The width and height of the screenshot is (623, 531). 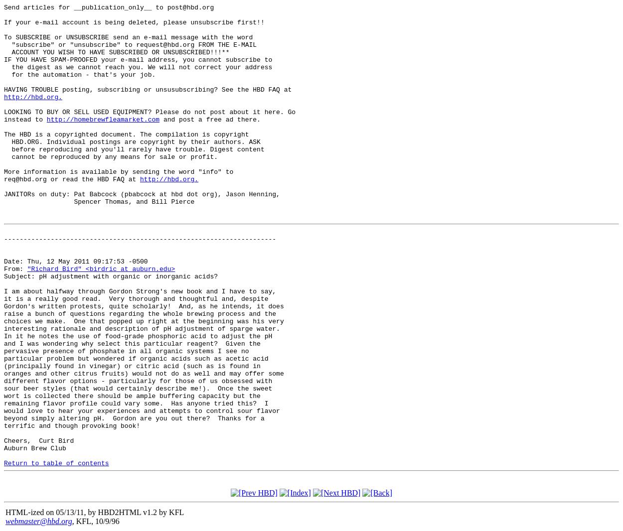 I want to click on 'HTML-ized on 05/13/11, by HBD2HTML v1.2 by KFL', so click(x=94, y=512).